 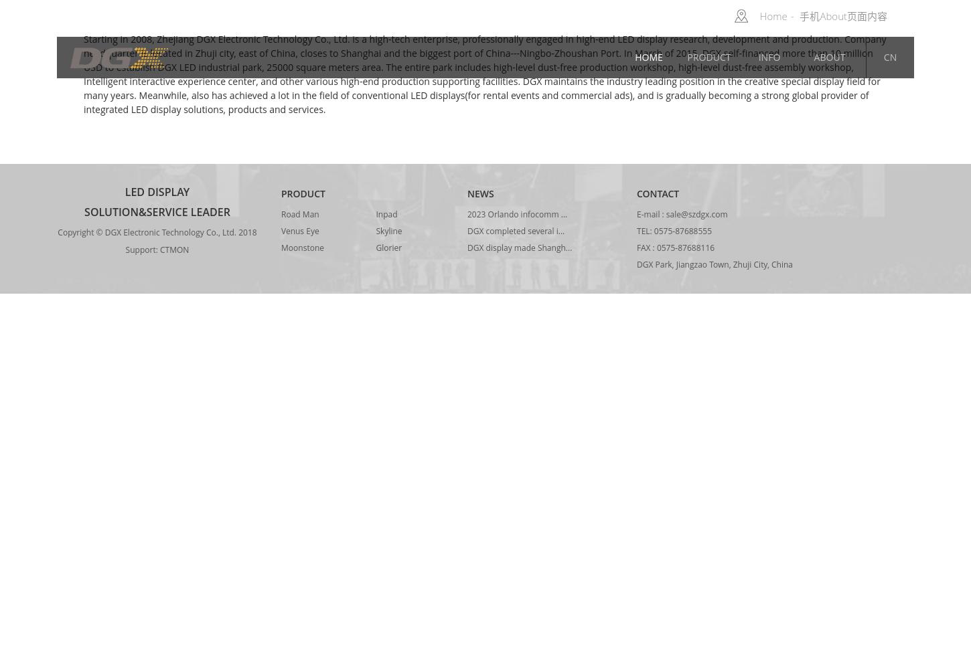 I want to click on 'Skyline', so click(x=388, y=230).